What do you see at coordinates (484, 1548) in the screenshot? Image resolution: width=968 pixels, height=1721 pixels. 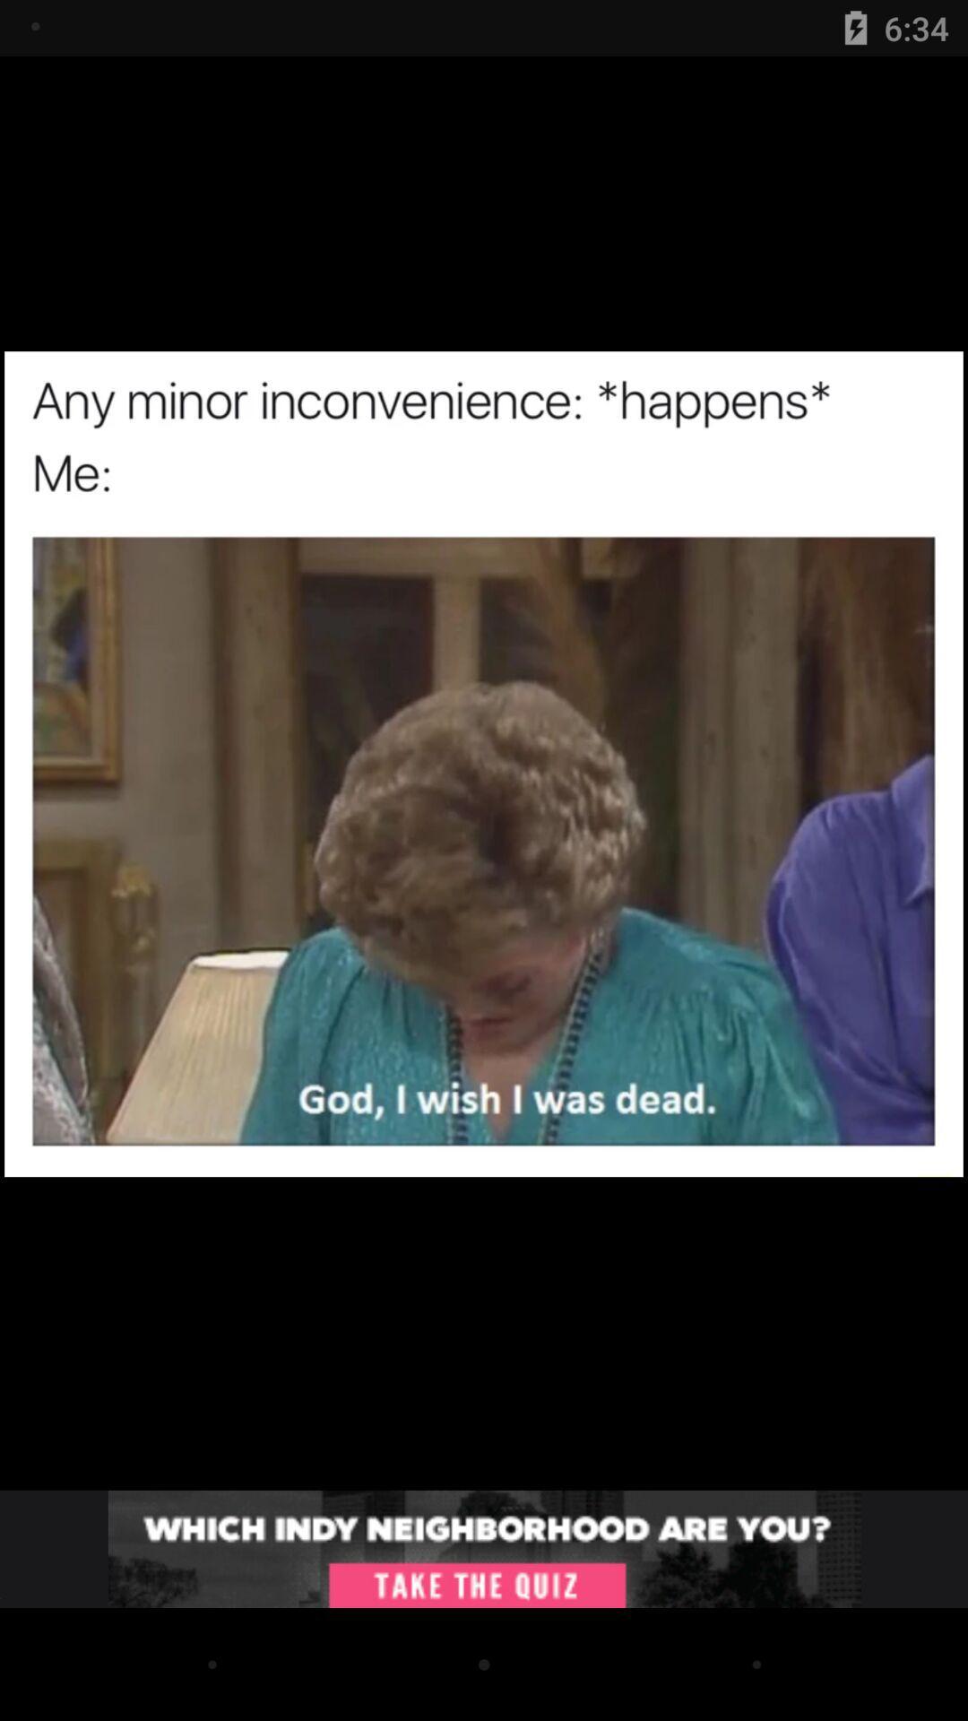 I see `taking quiz about neighborhood` at bounding box center [484, 1548].